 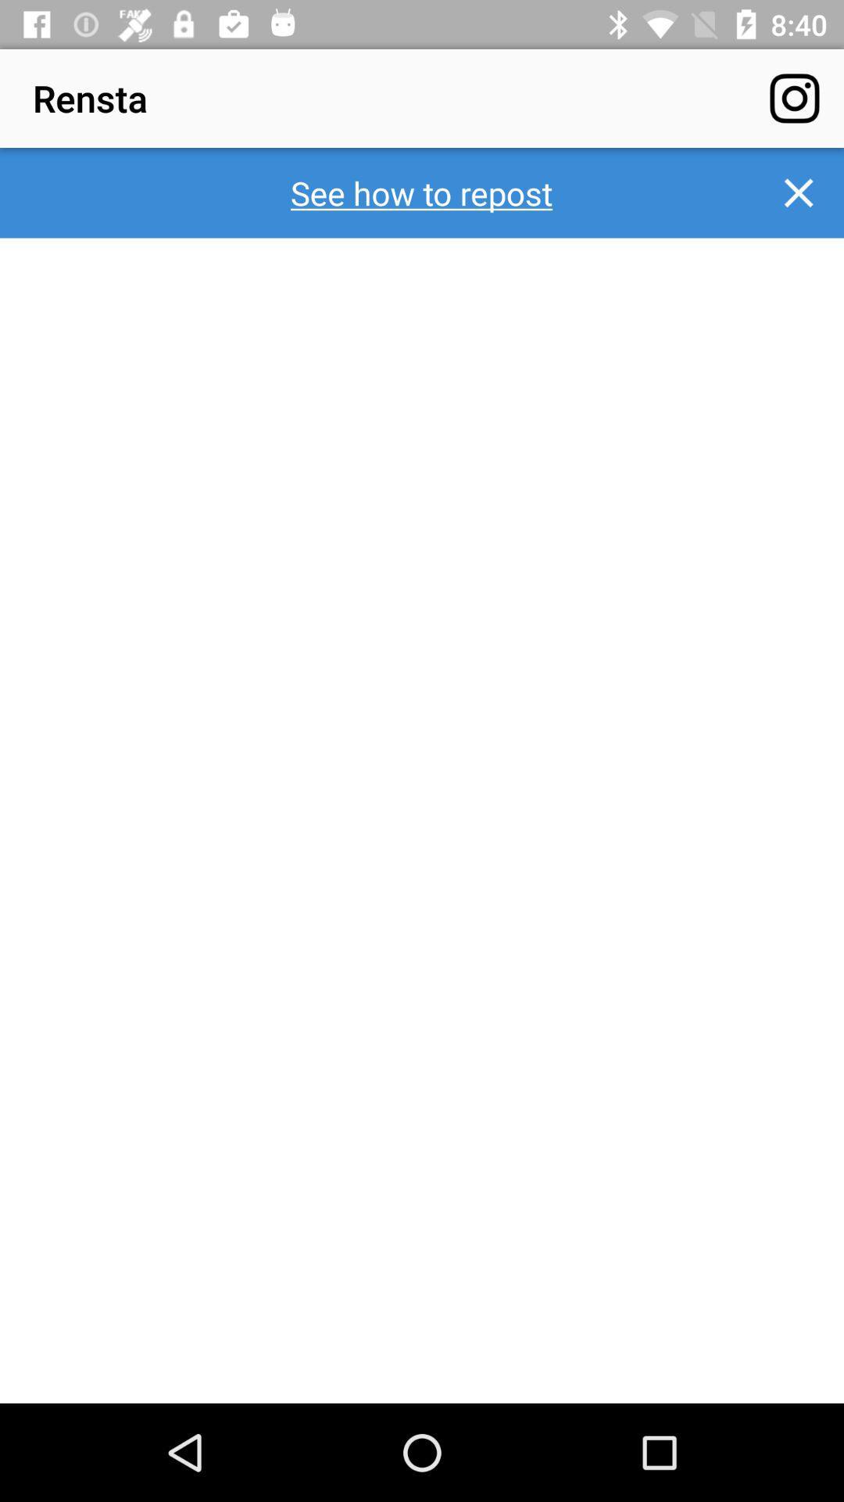 I want to click on the see how to item, so click(x=420, y=192).